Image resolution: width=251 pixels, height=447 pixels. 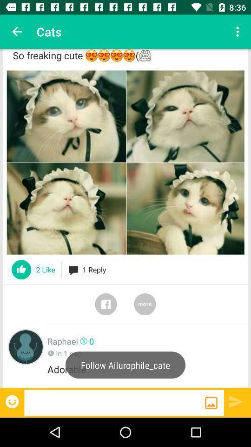 I want to click on like the album, so click(x=21, y=270).